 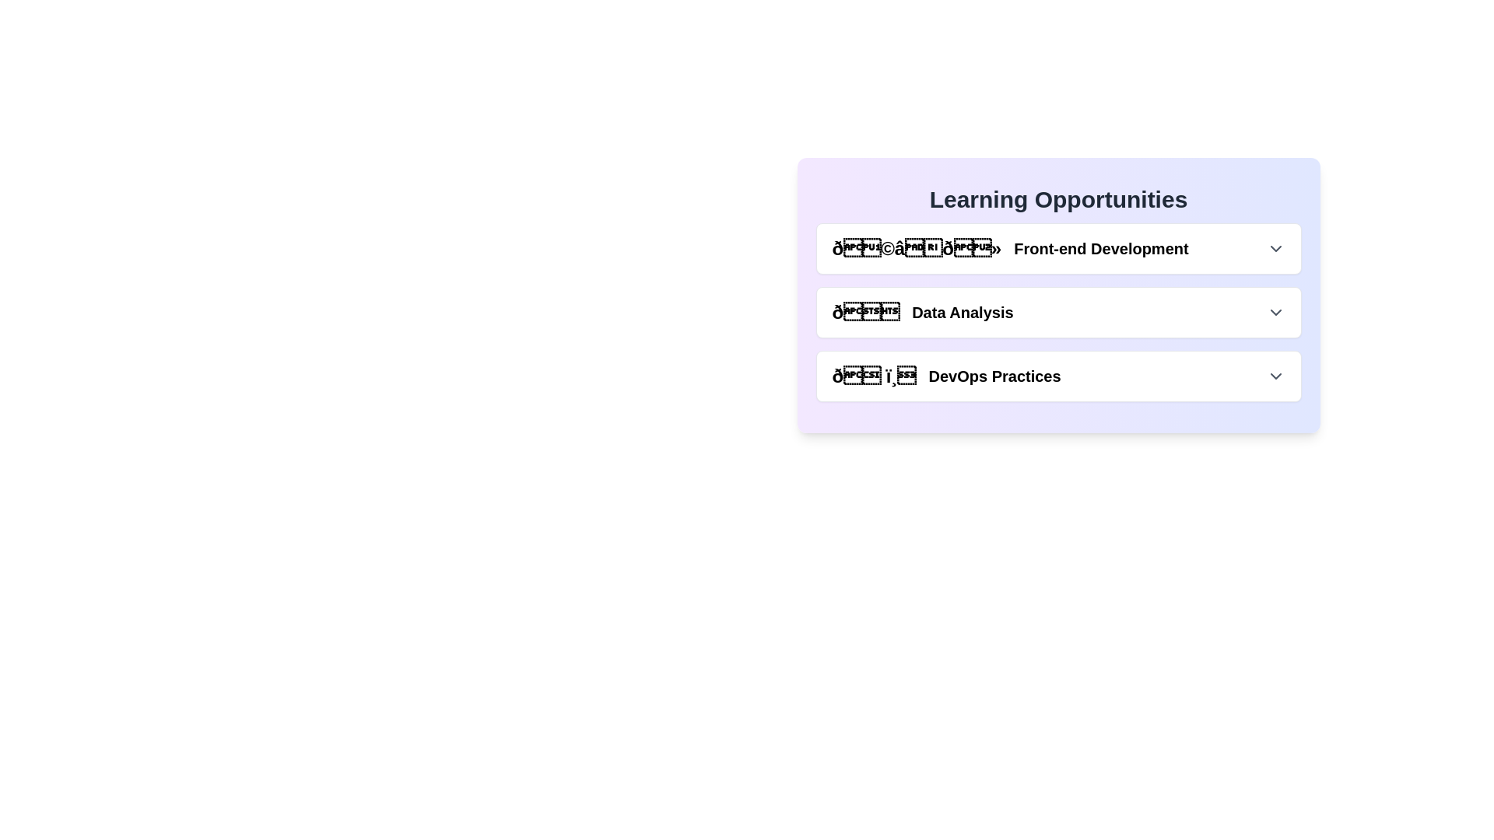 What do you see at coordinates (917, 248) in the screenshot?
I see `the graphic/icon representing 'Front-end Development' located at the beginning of the list item, which serves as a visual cue for the associated label` at bounding box center [917, 248].